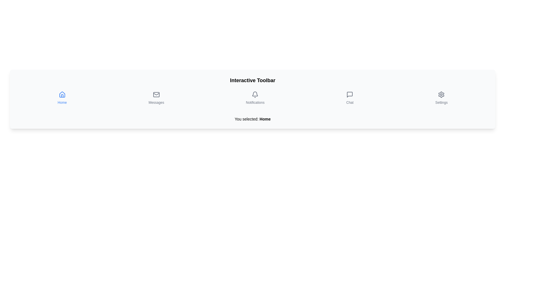  I want to click on the title text element that serves as the heading for the toolbar section, located at the top center of the interface, so click(252, 80).